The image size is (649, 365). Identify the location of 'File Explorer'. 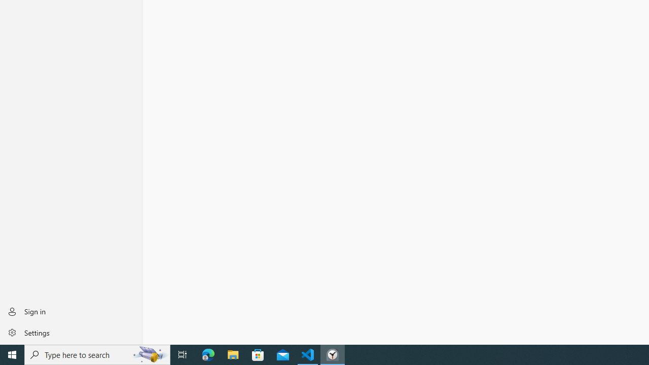
(233, 354).